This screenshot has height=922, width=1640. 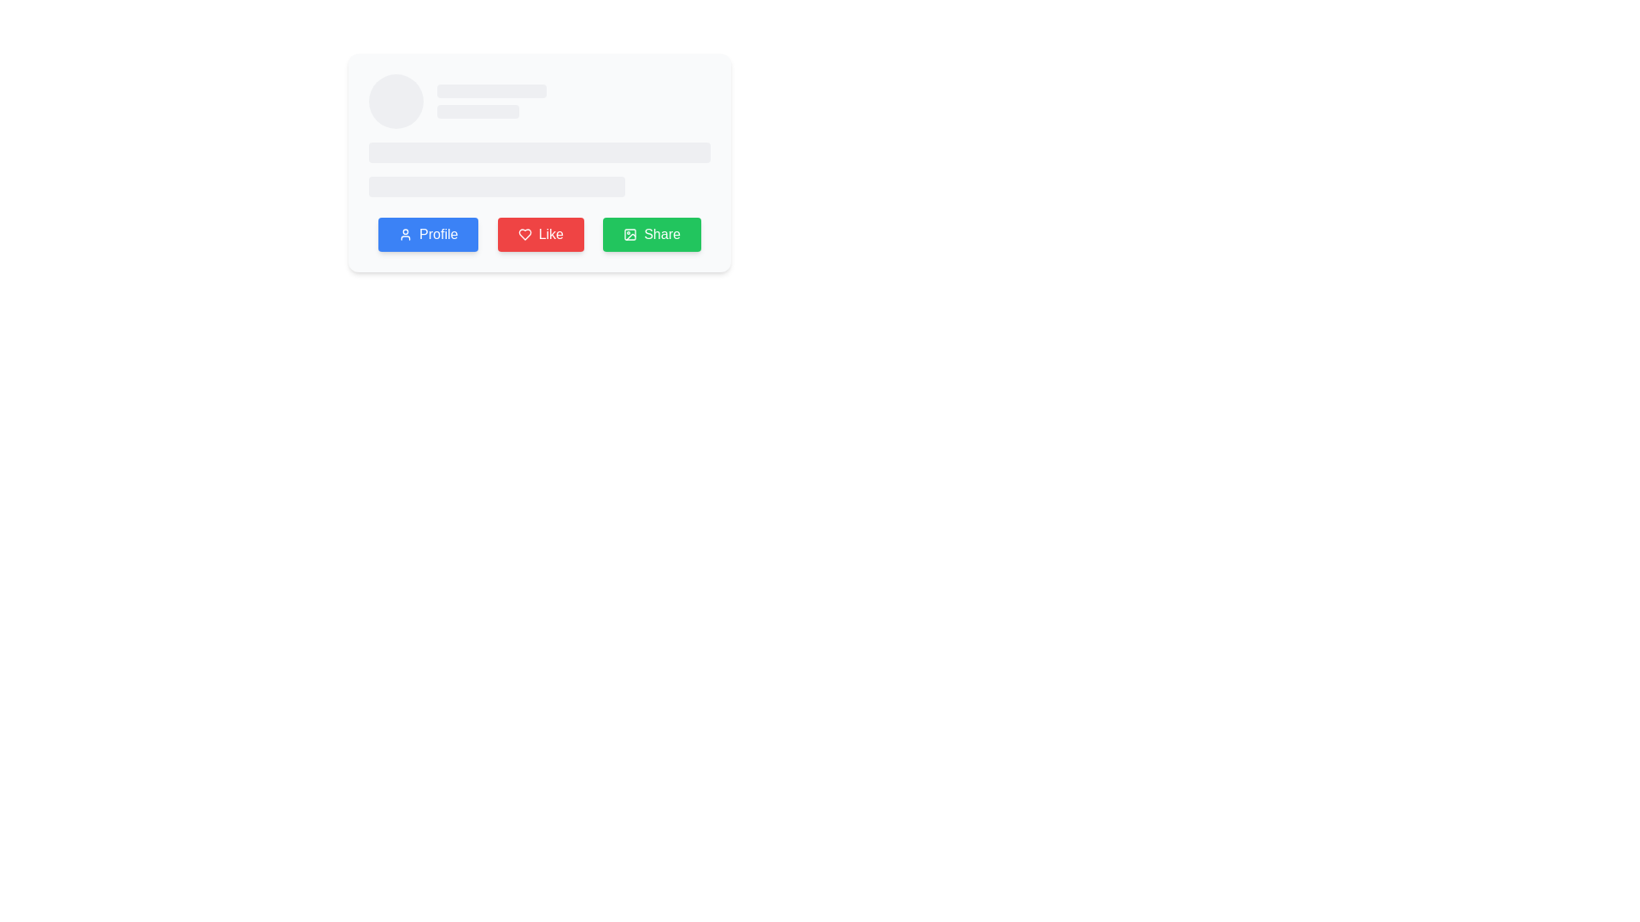 I want to click on the heart icon inside the red 'Like' button, so click(x=524, y=234).